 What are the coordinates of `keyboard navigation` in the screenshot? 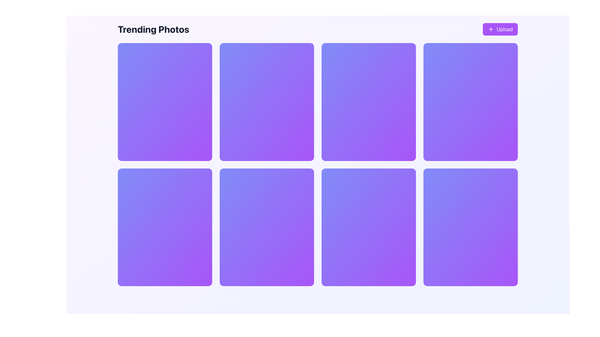 It's located at (381, 52).